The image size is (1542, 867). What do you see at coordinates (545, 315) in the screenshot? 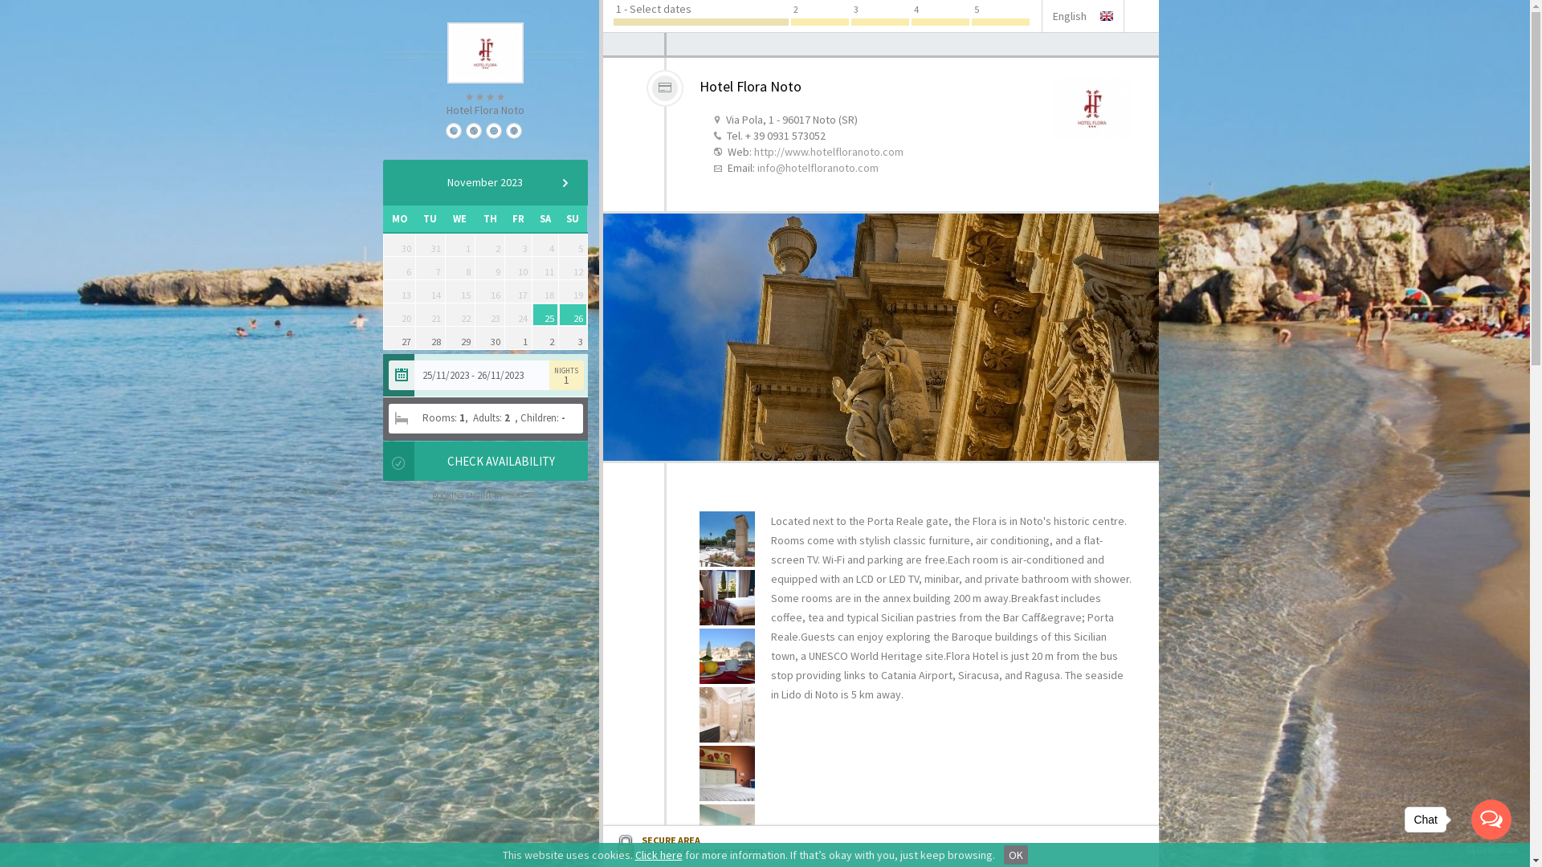
I see `'25'` at bounding box center [545, 315].